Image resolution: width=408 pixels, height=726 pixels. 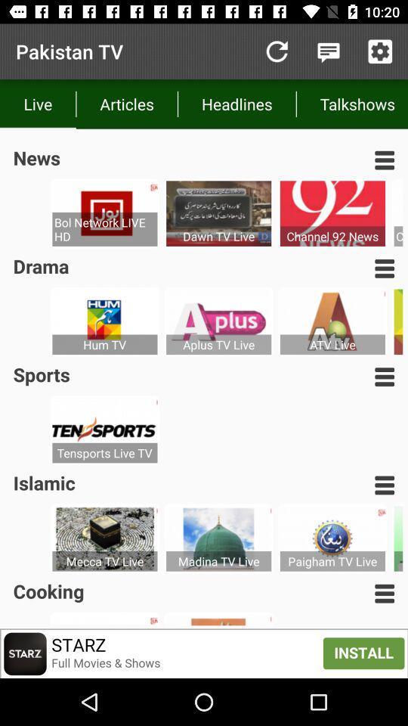 I want to click on something, so click(x=379, y=51).